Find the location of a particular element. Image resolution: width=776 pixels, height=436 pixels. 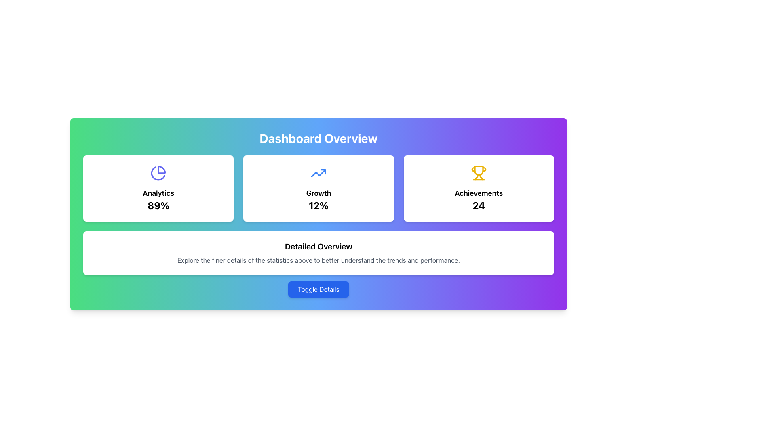

the decorative icon representing analytics data located in the first card of a three-card layout is located at coordinates (158, 172).